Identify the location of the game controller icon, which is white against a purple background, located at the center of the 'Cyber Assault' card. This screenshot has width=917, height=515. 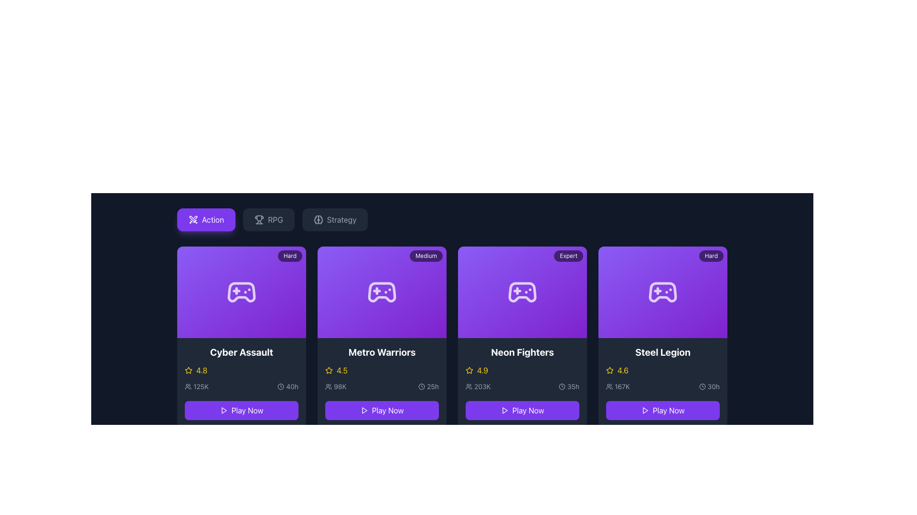
(241, 292).